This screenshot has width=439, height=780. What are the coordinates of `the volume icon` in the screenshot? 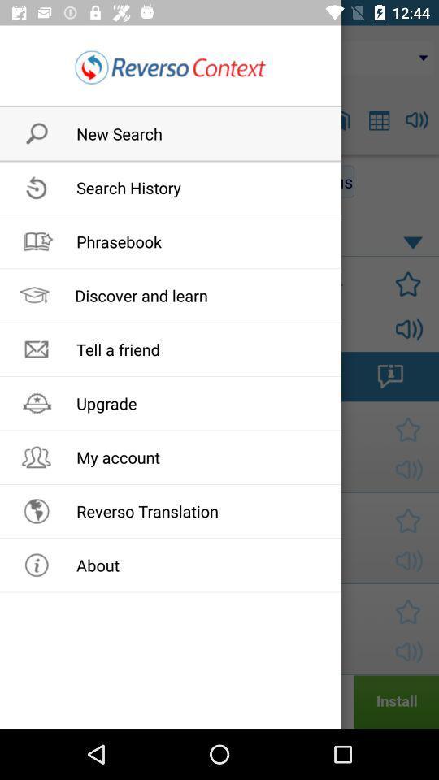 It's located at (417, 119).